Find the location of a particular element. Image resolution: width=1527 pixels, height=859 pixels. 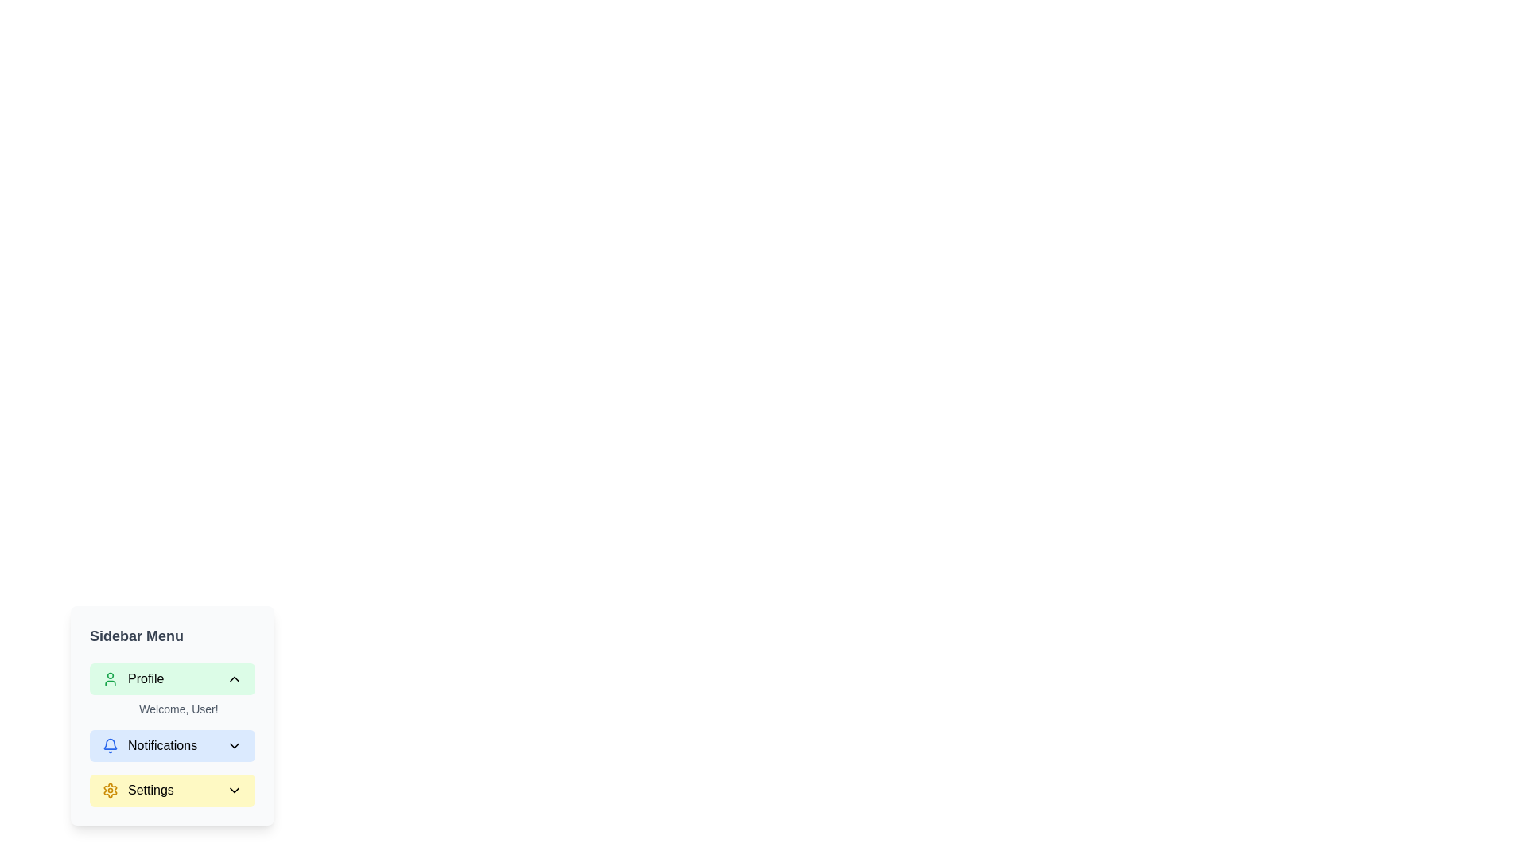

the top-most button in the Sidebar Menu that toggles visibility or navigation to the 'Profile' section, indicated by its green background, to trigger hover effects is located at coordinates (172, 678).